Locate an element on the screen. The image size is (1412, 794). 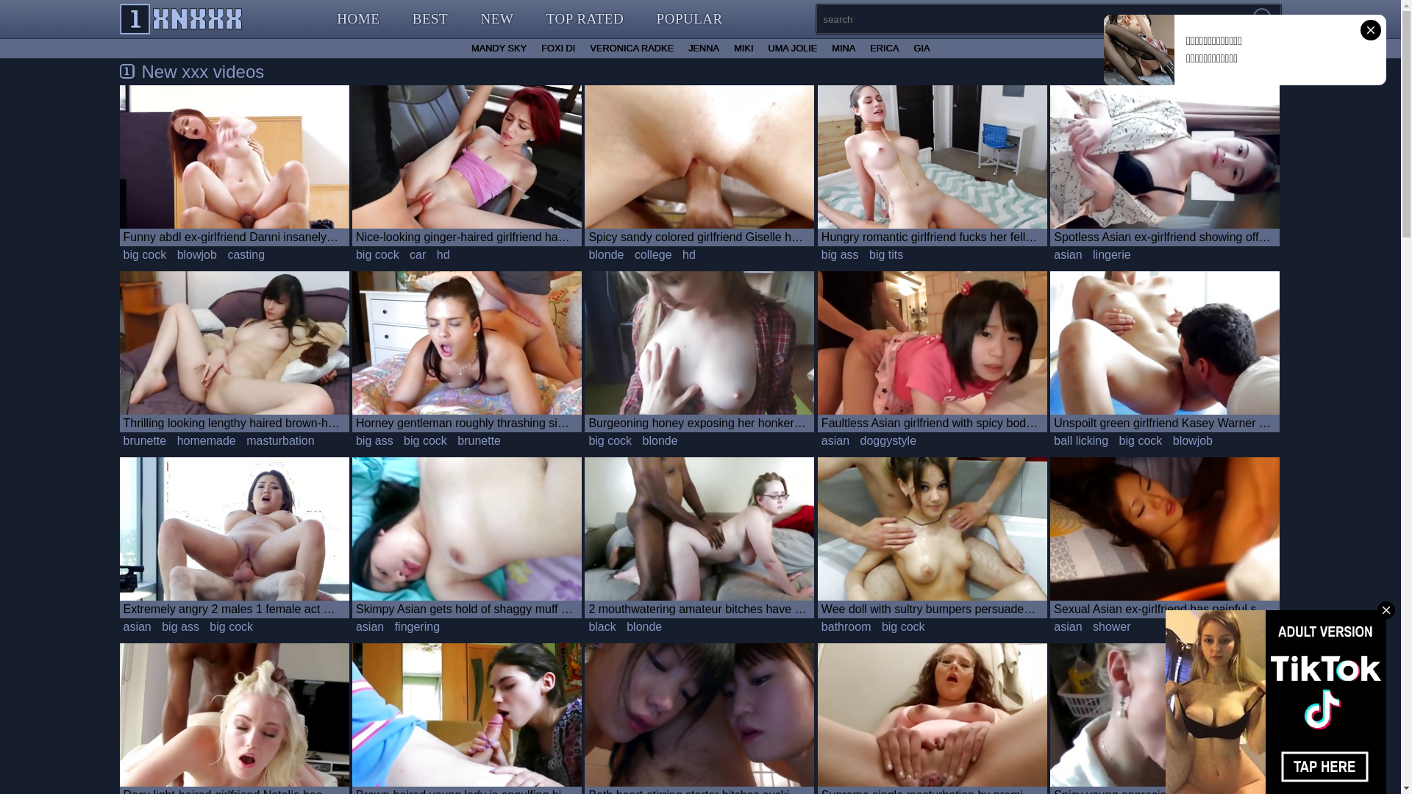
'college' is located at coordinates (631, 254).